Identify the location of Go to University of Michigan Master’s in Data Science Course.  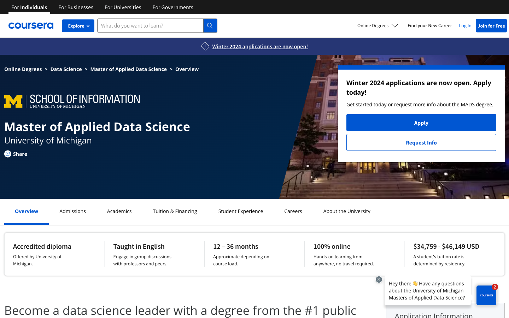
(66, 69).